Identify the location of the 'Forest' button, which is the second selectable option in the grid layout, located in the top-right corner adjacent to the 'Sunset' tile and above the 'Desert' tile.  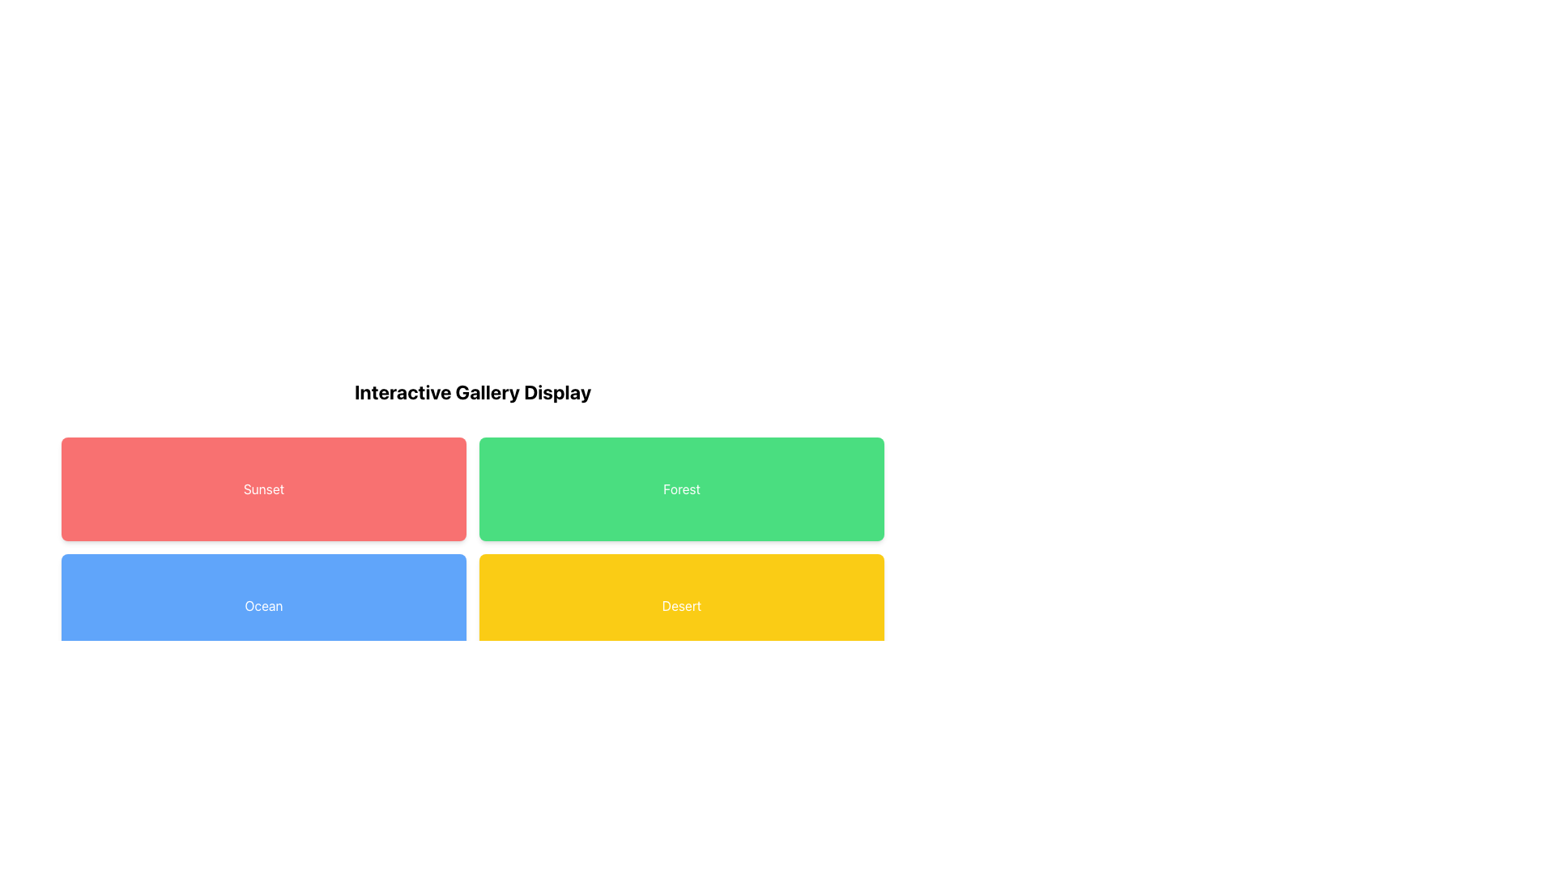
(681, 489).